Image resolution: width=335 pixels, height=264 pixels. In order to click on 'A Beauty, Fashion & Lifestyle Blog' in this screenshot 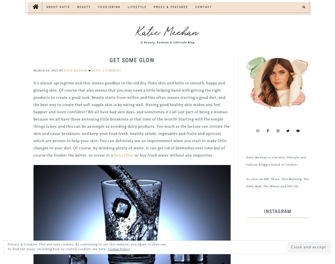, I will do `click(167, 42)`.